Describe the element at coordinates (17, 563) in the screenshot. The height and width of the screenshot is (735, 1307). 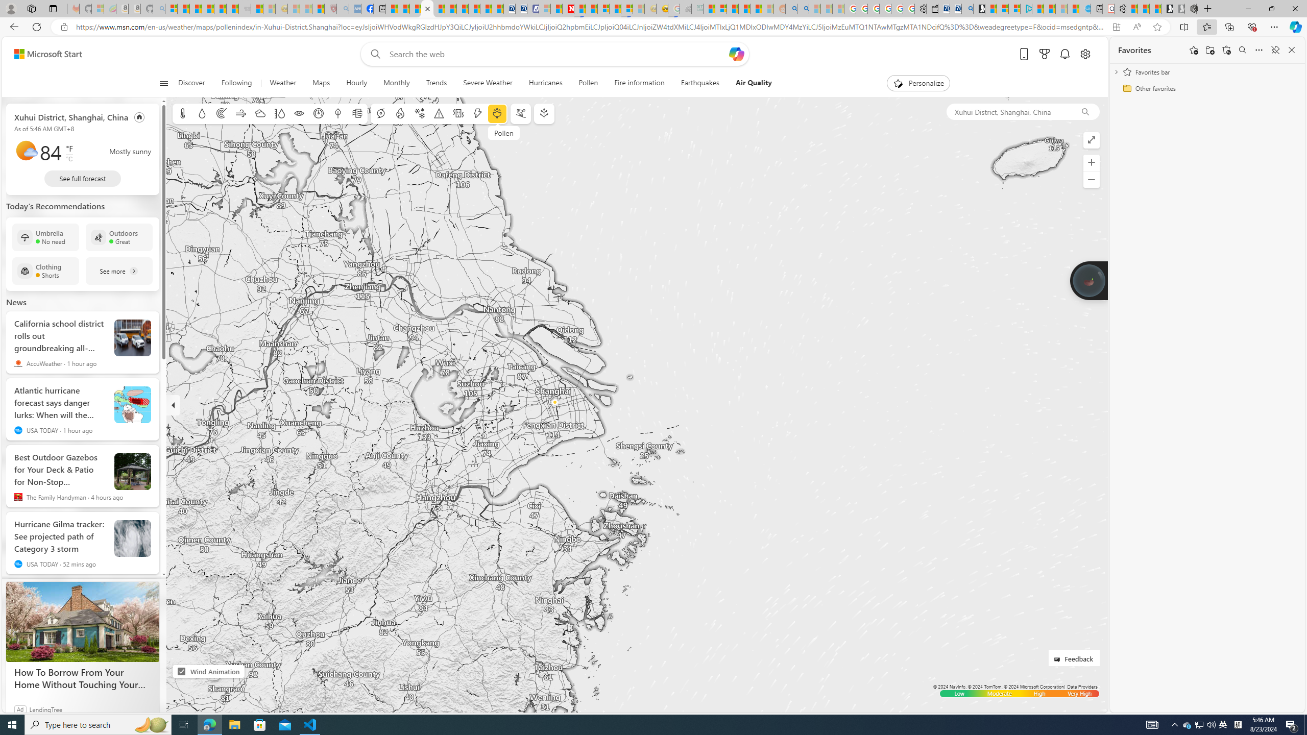
I see `'USA TODAY'` at that location.